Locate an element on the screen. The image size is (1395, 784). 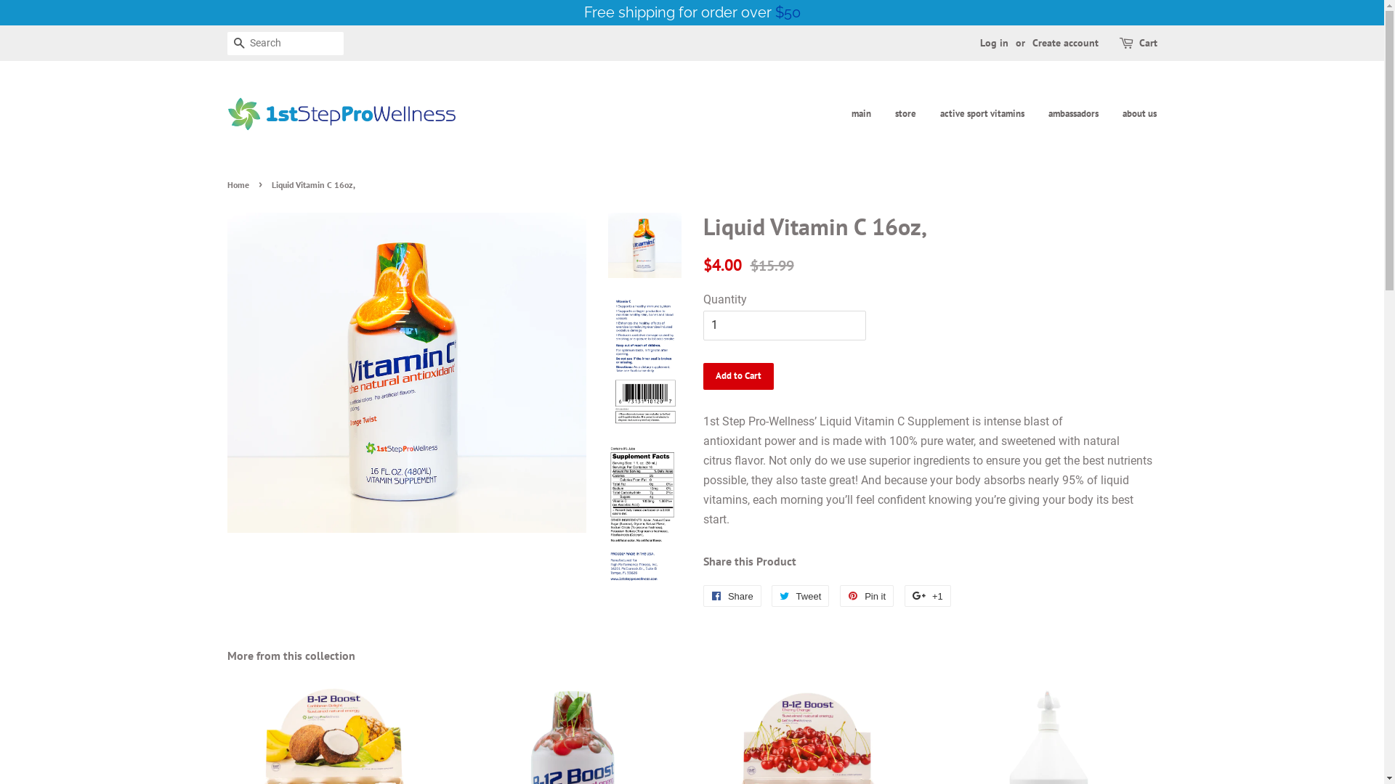
'store' is located at coordinates (905, 113).